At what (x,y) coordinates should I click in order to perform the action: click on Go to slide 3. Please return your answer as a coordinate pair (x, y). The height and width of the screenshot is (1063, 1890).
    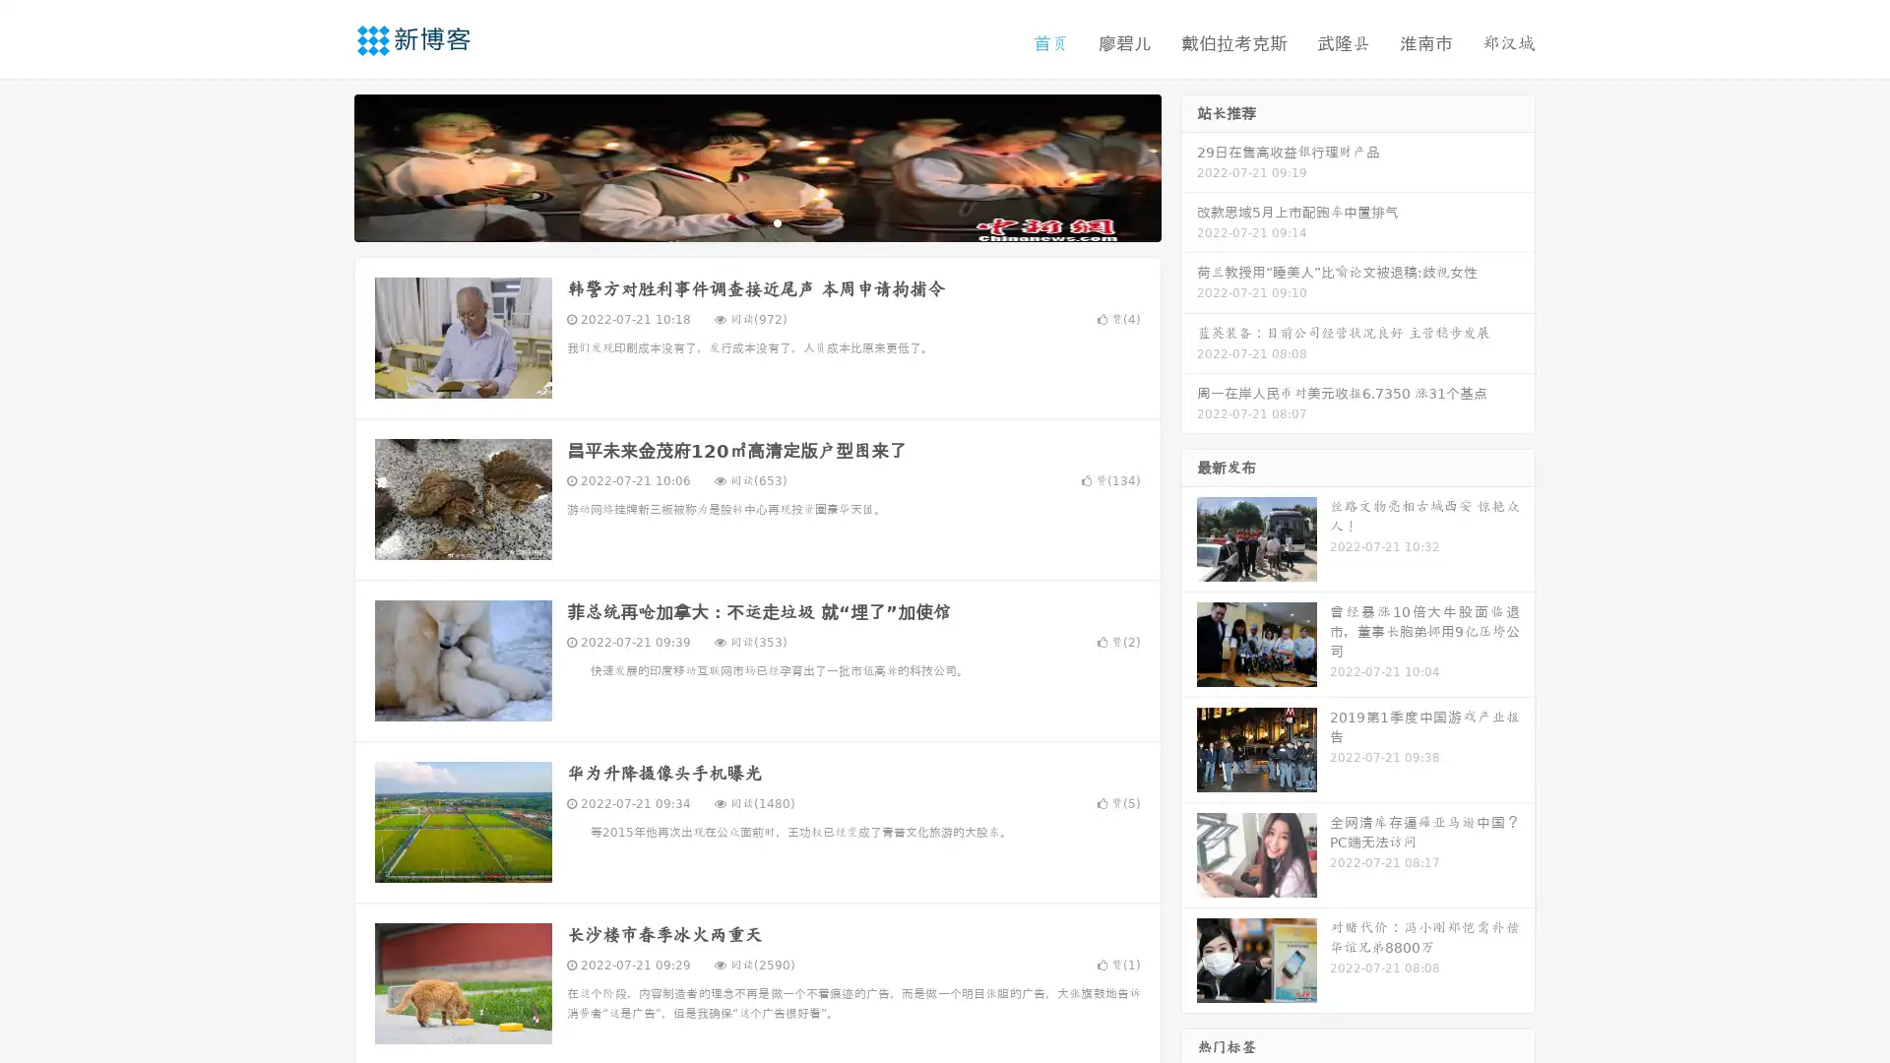
    Looking at the image, I should click on (777, 221).